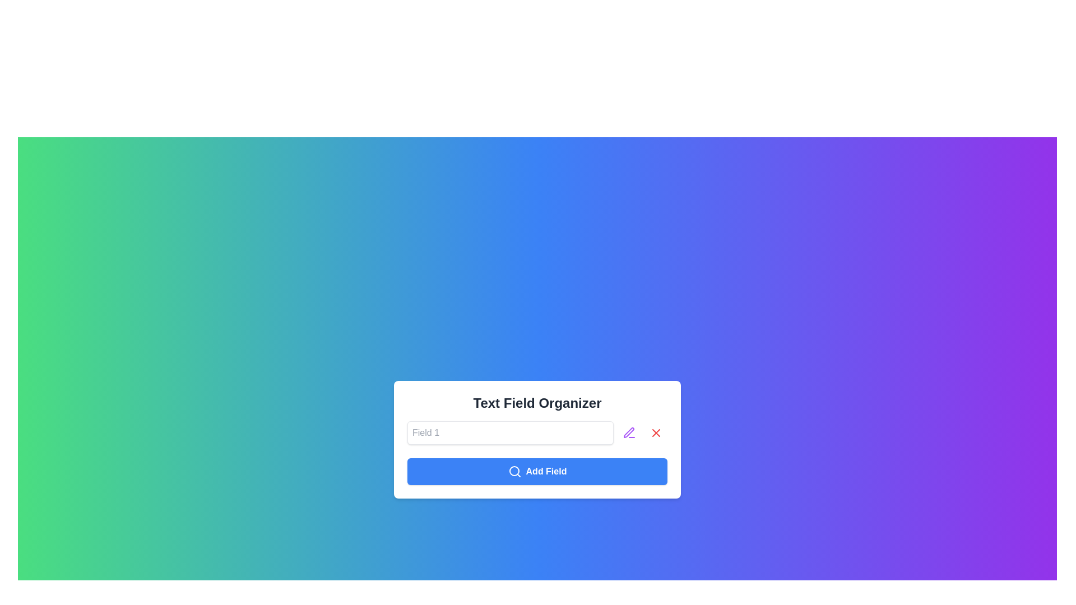 Image resolution: width=1076 pixels, height=605 pixels. What do you see at coordinates (629, 432) in the screenshot?
I see `the pen icon located to the right of the 'Field 1' text input, which is used for editing or modifying the associated content` at bounding box center [629, 432].